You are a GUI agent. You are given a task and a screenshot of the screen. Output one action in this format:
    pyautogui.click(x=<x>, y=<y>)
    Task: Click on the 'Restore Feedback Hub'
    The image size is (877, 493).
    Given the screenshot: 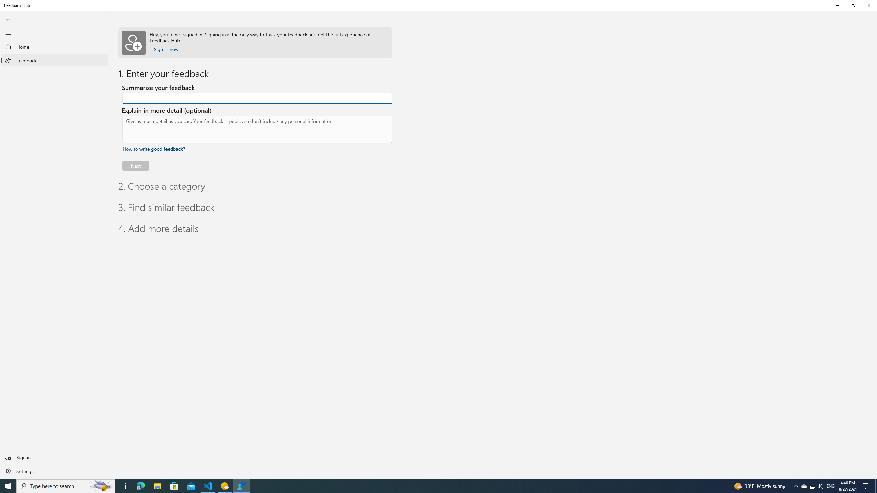 What is the action you would take?
    pyautogui.click(x=853, y=5)
    